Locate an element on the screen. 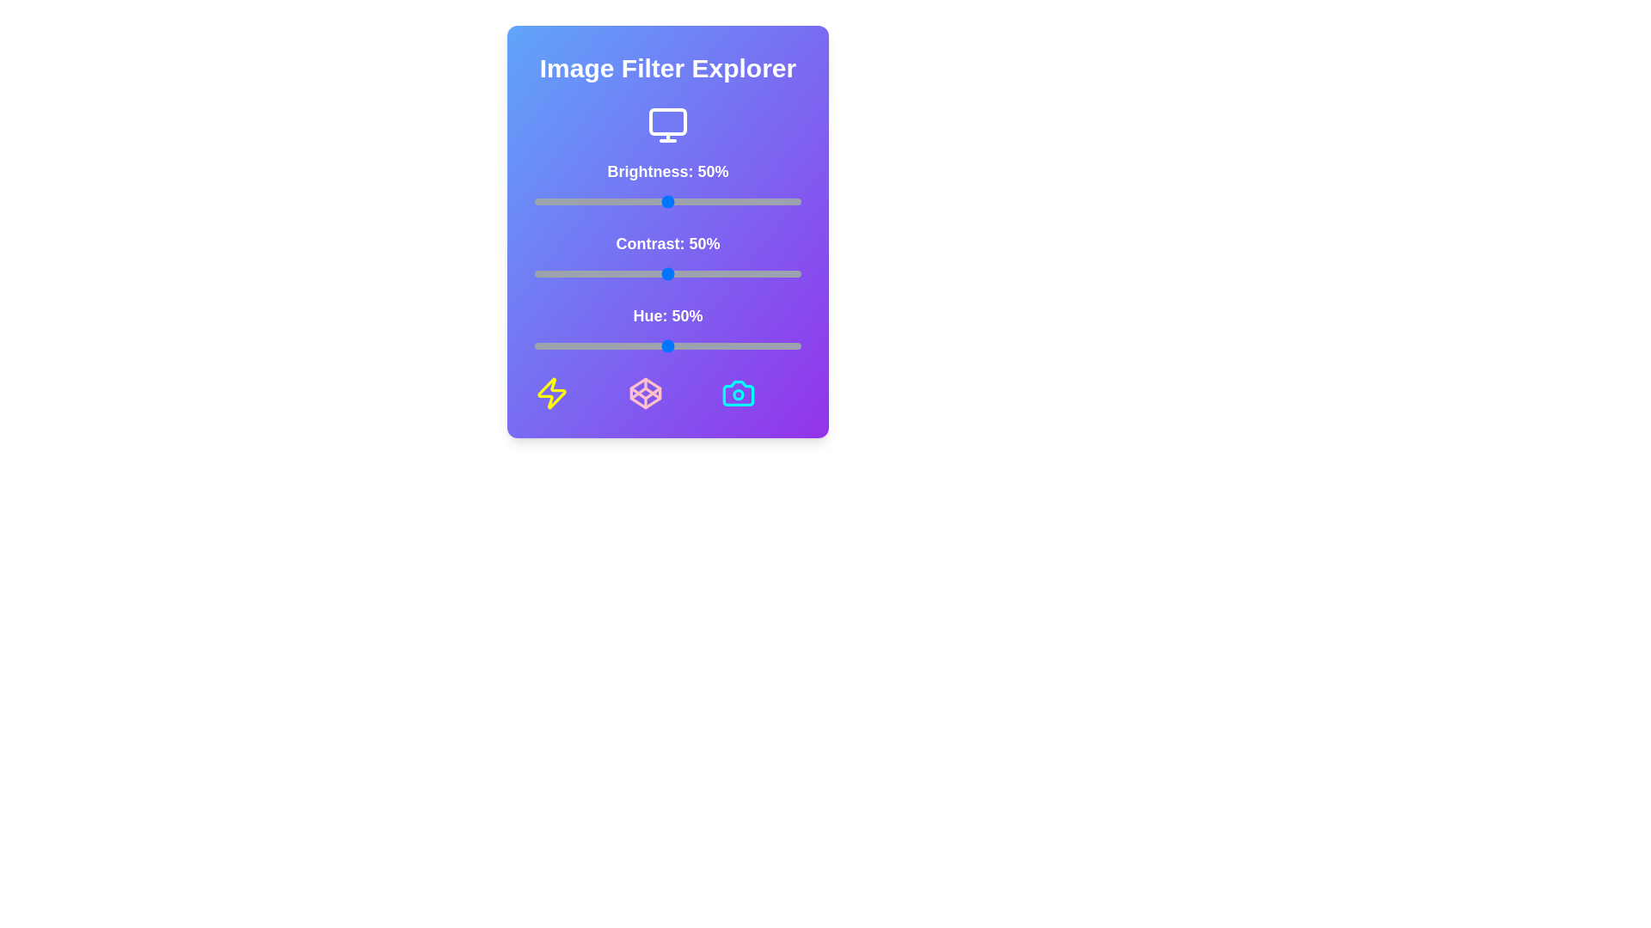 The width and height of the screenshot is (1651, 928). the cube icon is located at coordinates (644, 394).